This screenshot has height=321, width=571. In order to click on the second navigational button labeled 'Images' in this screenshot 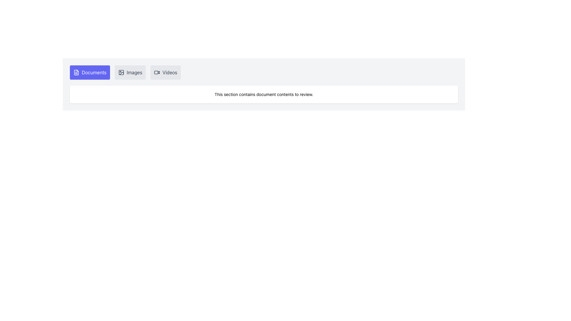, I will do `click(130, 72)`.